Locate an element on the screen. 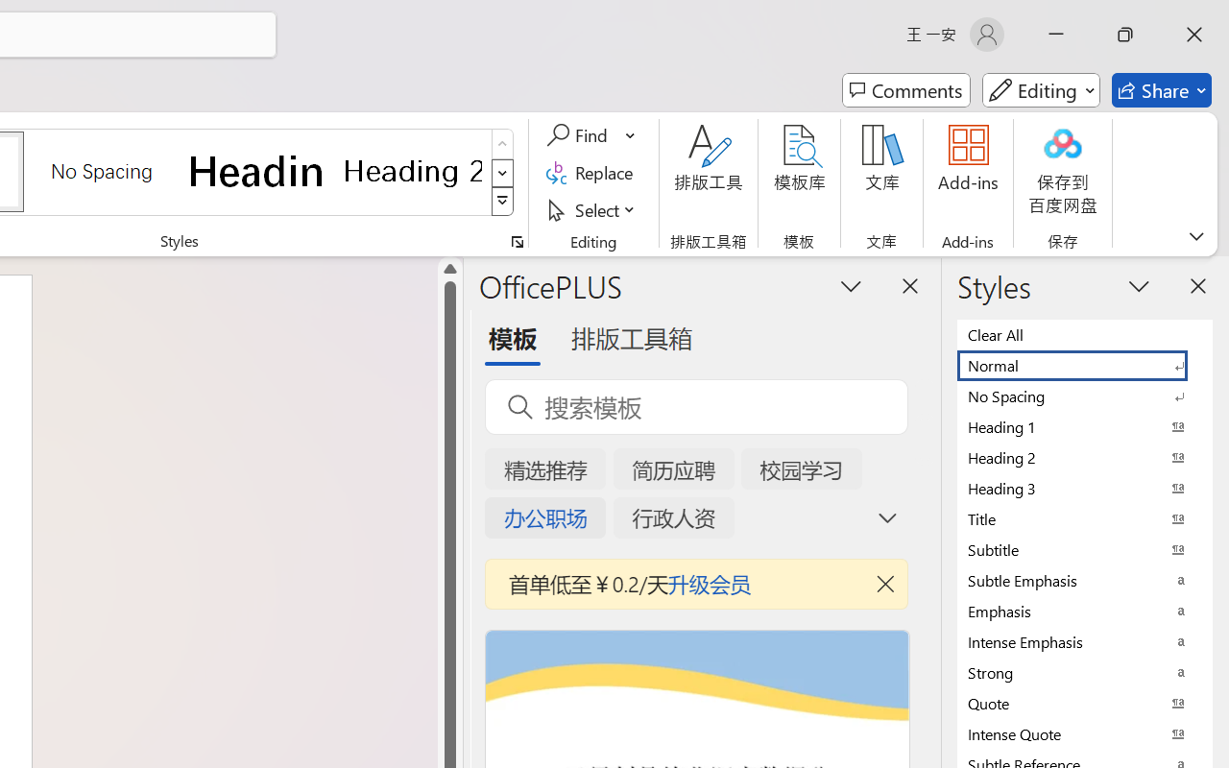 This screenshot has width=1229, height=768. 'Find' is located at coordinates (590, 135).